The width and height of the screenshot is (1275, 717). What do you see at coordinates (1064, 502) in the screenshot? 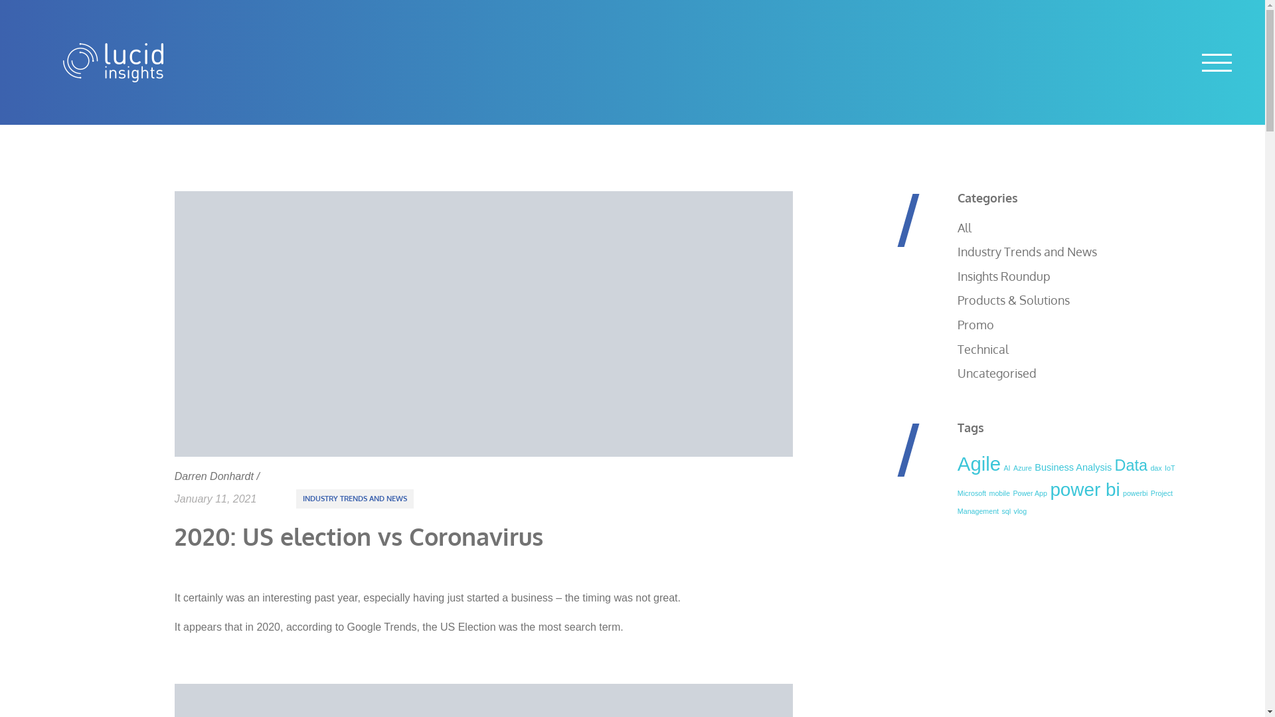
I see `'Project Management'` at bounding box center [1064, 502].